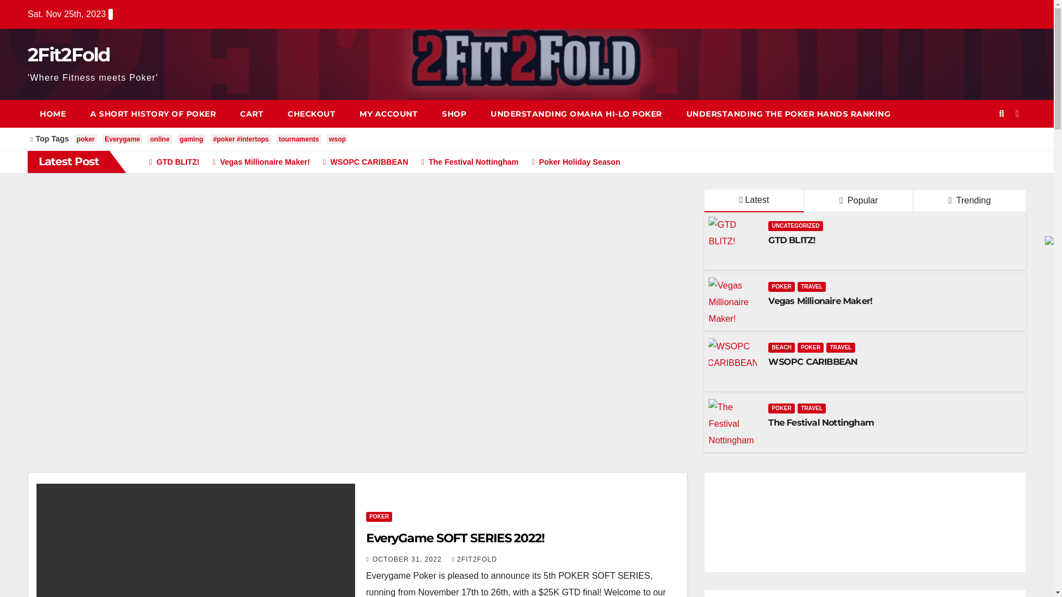 The width and height of the screenshot is (1062, 597). Describe the element at coordinates (227, 113) in the screenshot. I see `'CART'` at that location.